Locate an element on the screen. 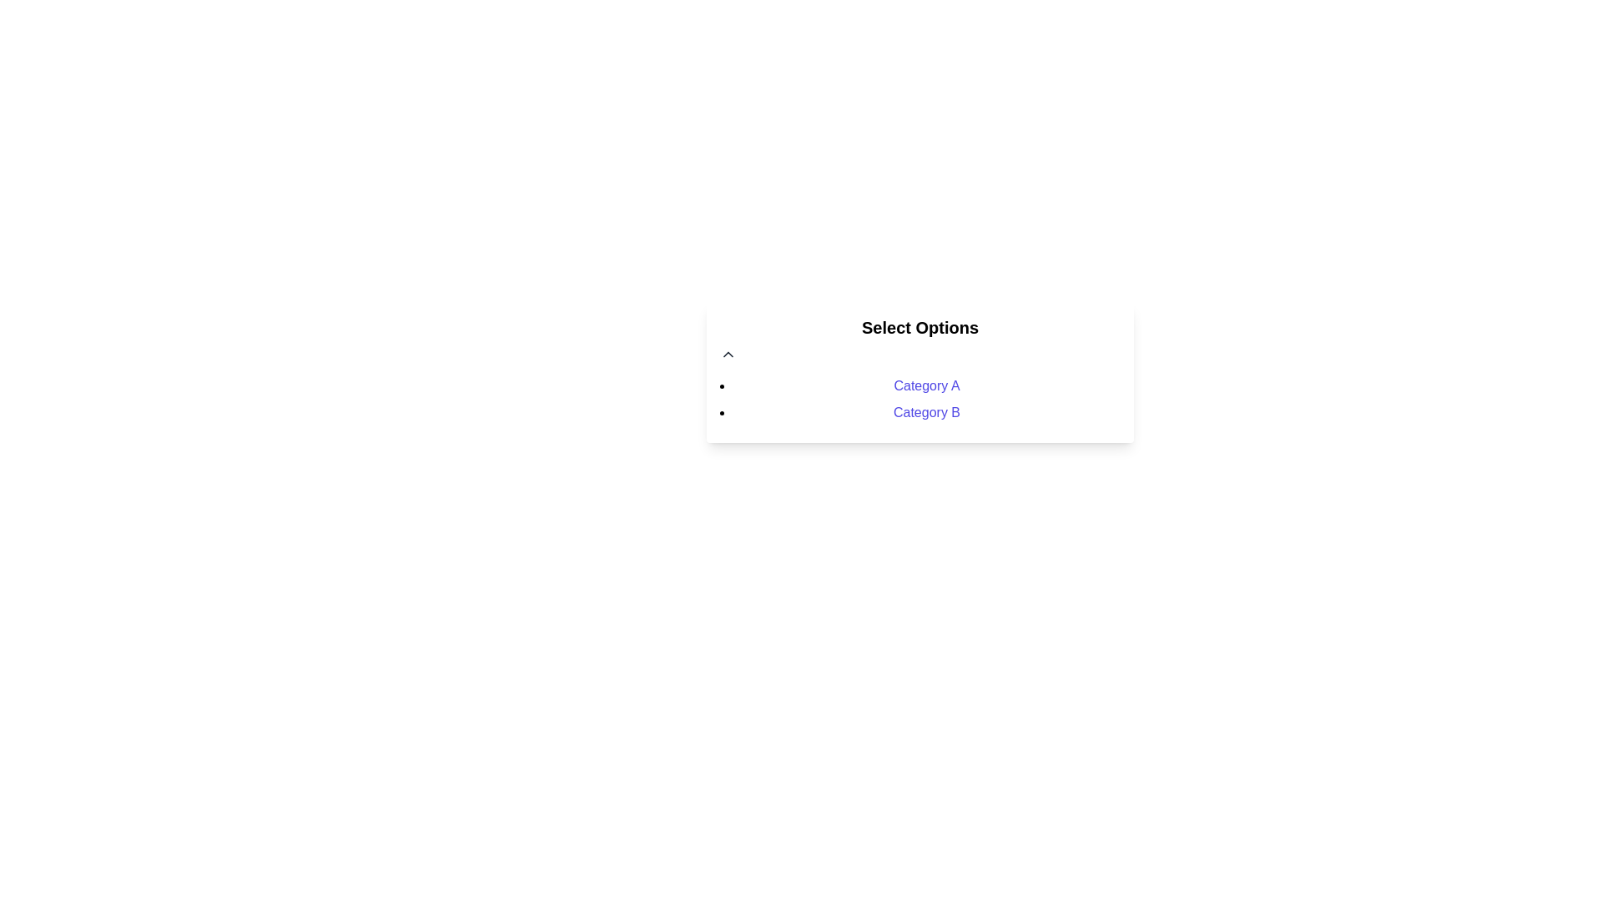  the 'Category B' hyperlink, which is styled in blue with an underline on hover, located as the second item under 'Select Options' is located at coordinates (925, 412).